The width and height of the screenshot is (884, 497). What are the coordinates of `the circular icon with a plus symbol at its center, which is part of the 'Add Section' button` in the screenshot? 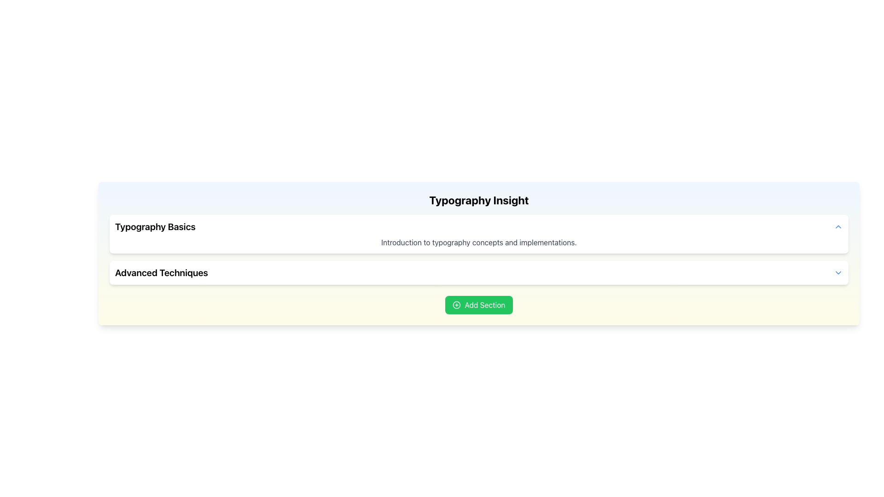 It's located at (457, 305).